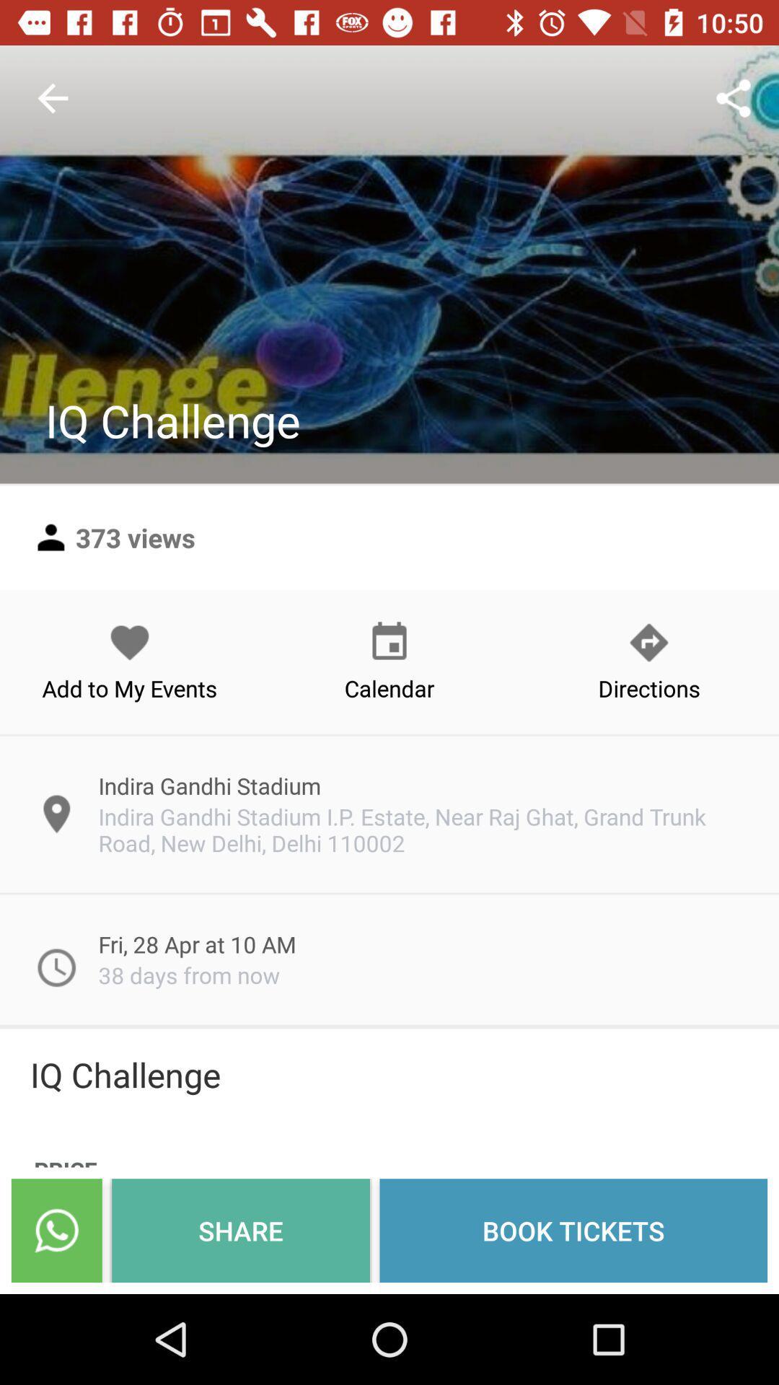  Describe the element at coordinates (130, 661) in the screenshot. I see `add to my icon` at that location.